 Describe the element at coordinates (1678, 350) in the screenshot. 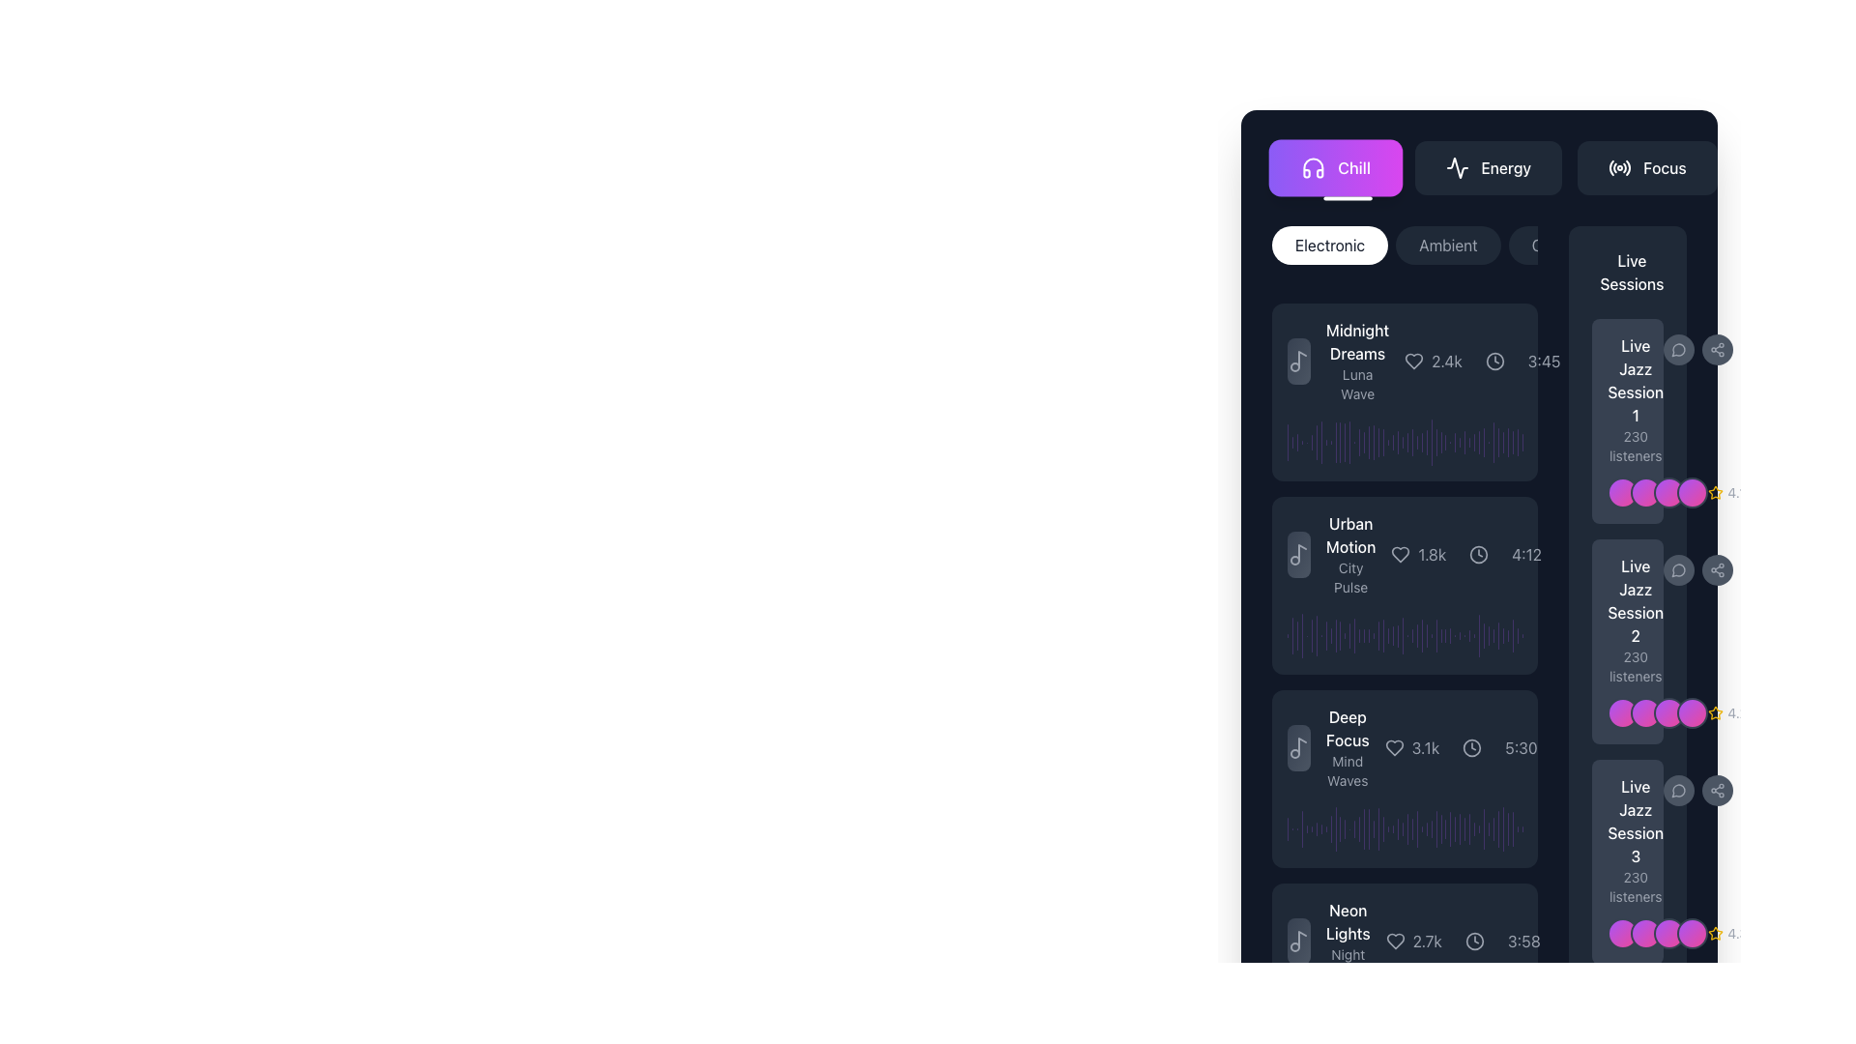

I see `the comment or chat button located` at that location.